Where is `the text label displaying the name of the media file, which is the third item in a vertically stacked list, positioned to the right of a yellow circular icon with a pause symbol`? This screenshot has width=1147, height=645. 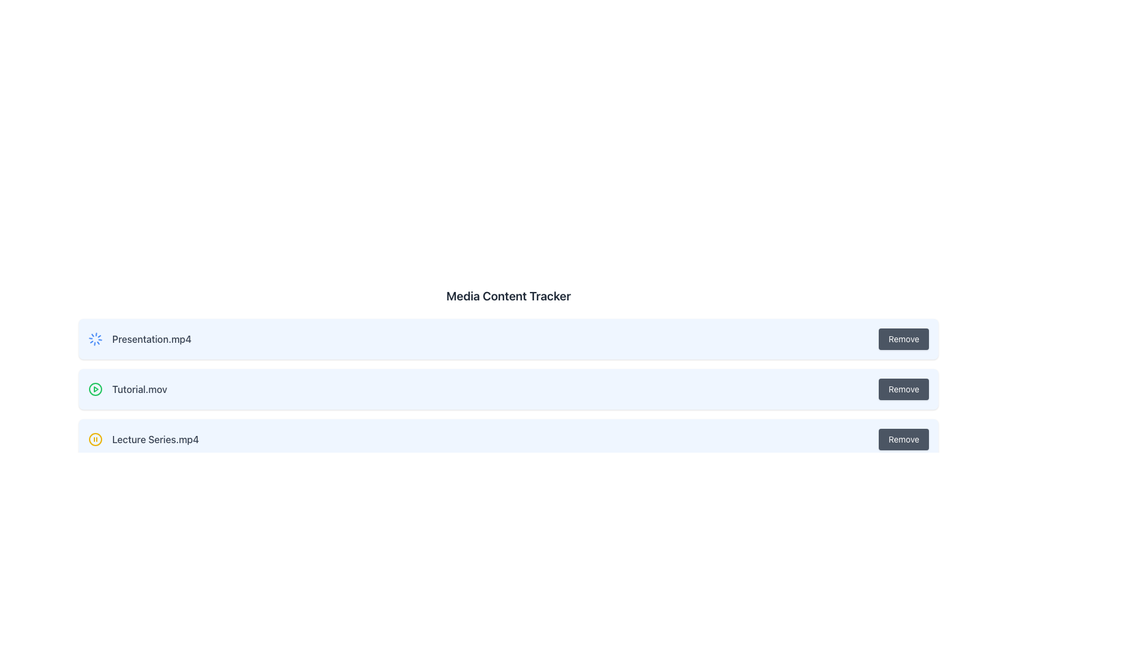
the text label displaying the name of the media file, which is the third item in a vertically stacked list, positioned to the right of a yellow circular icon with a pause symbol is located at coordinates (155, 440).